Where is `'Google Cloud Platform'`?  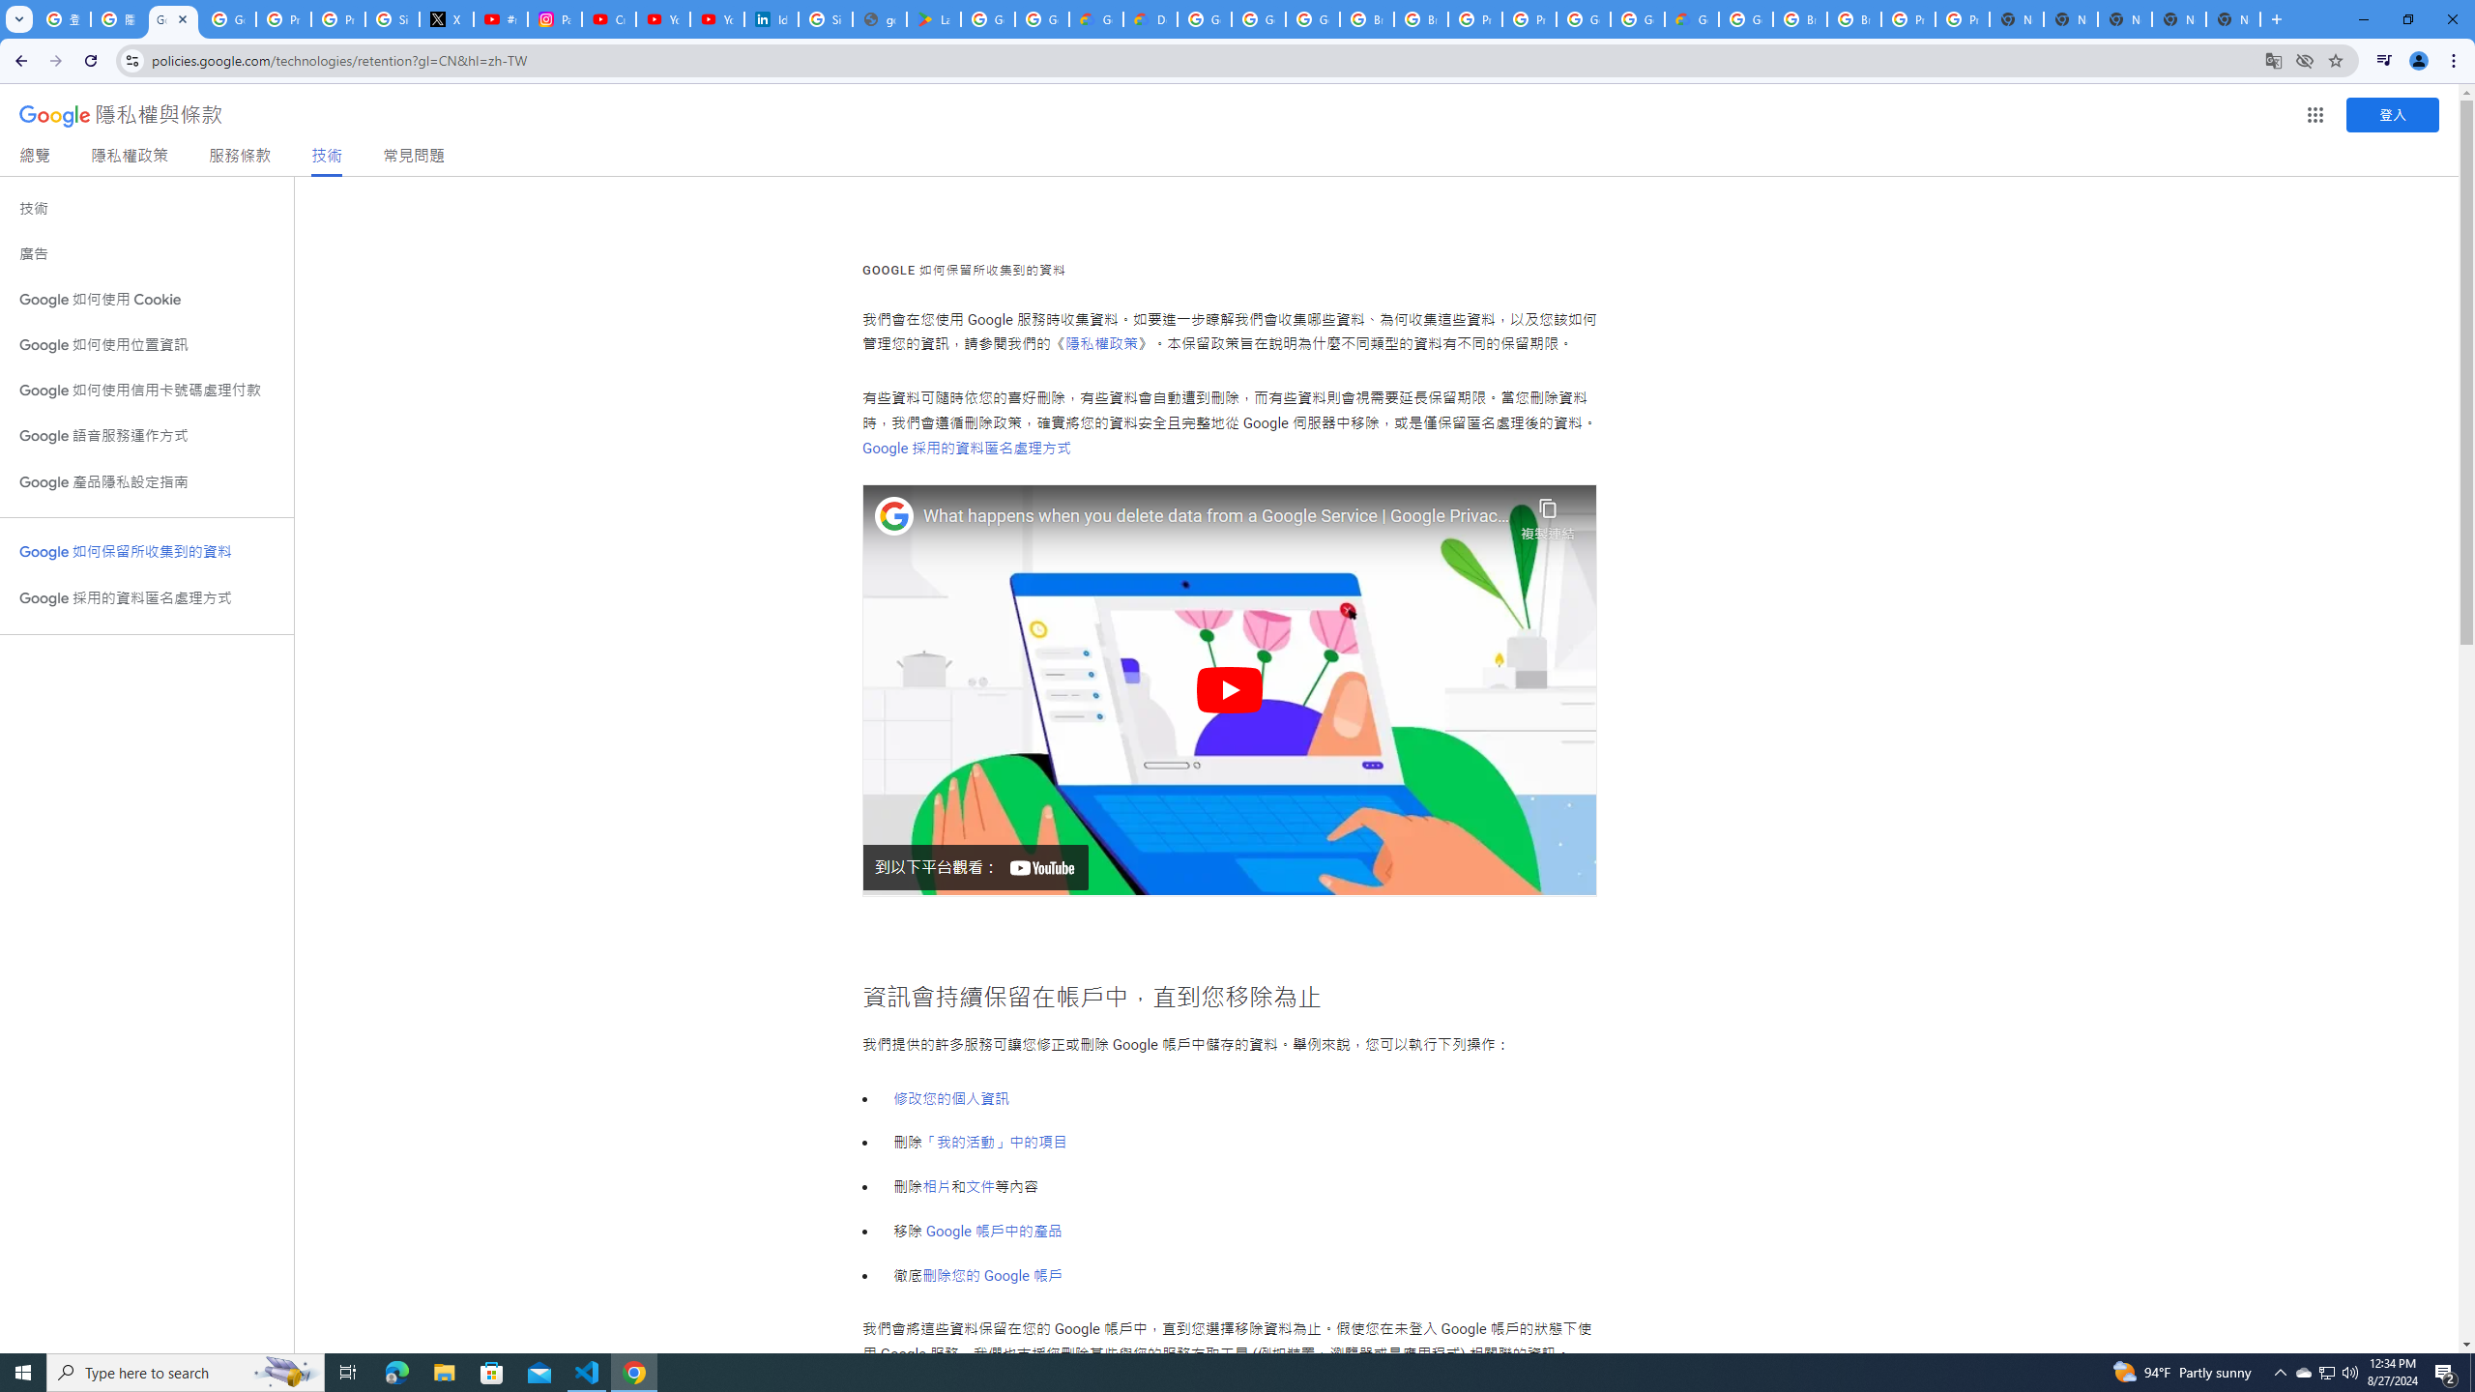
'Google Cloud Platform' is located at coordinates (1745, 18).